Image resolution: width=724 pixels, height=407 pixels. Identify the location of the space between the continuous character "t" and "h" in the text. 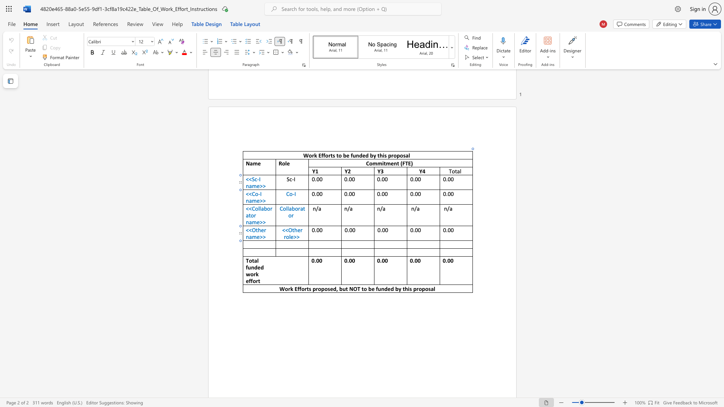
(405, 288).